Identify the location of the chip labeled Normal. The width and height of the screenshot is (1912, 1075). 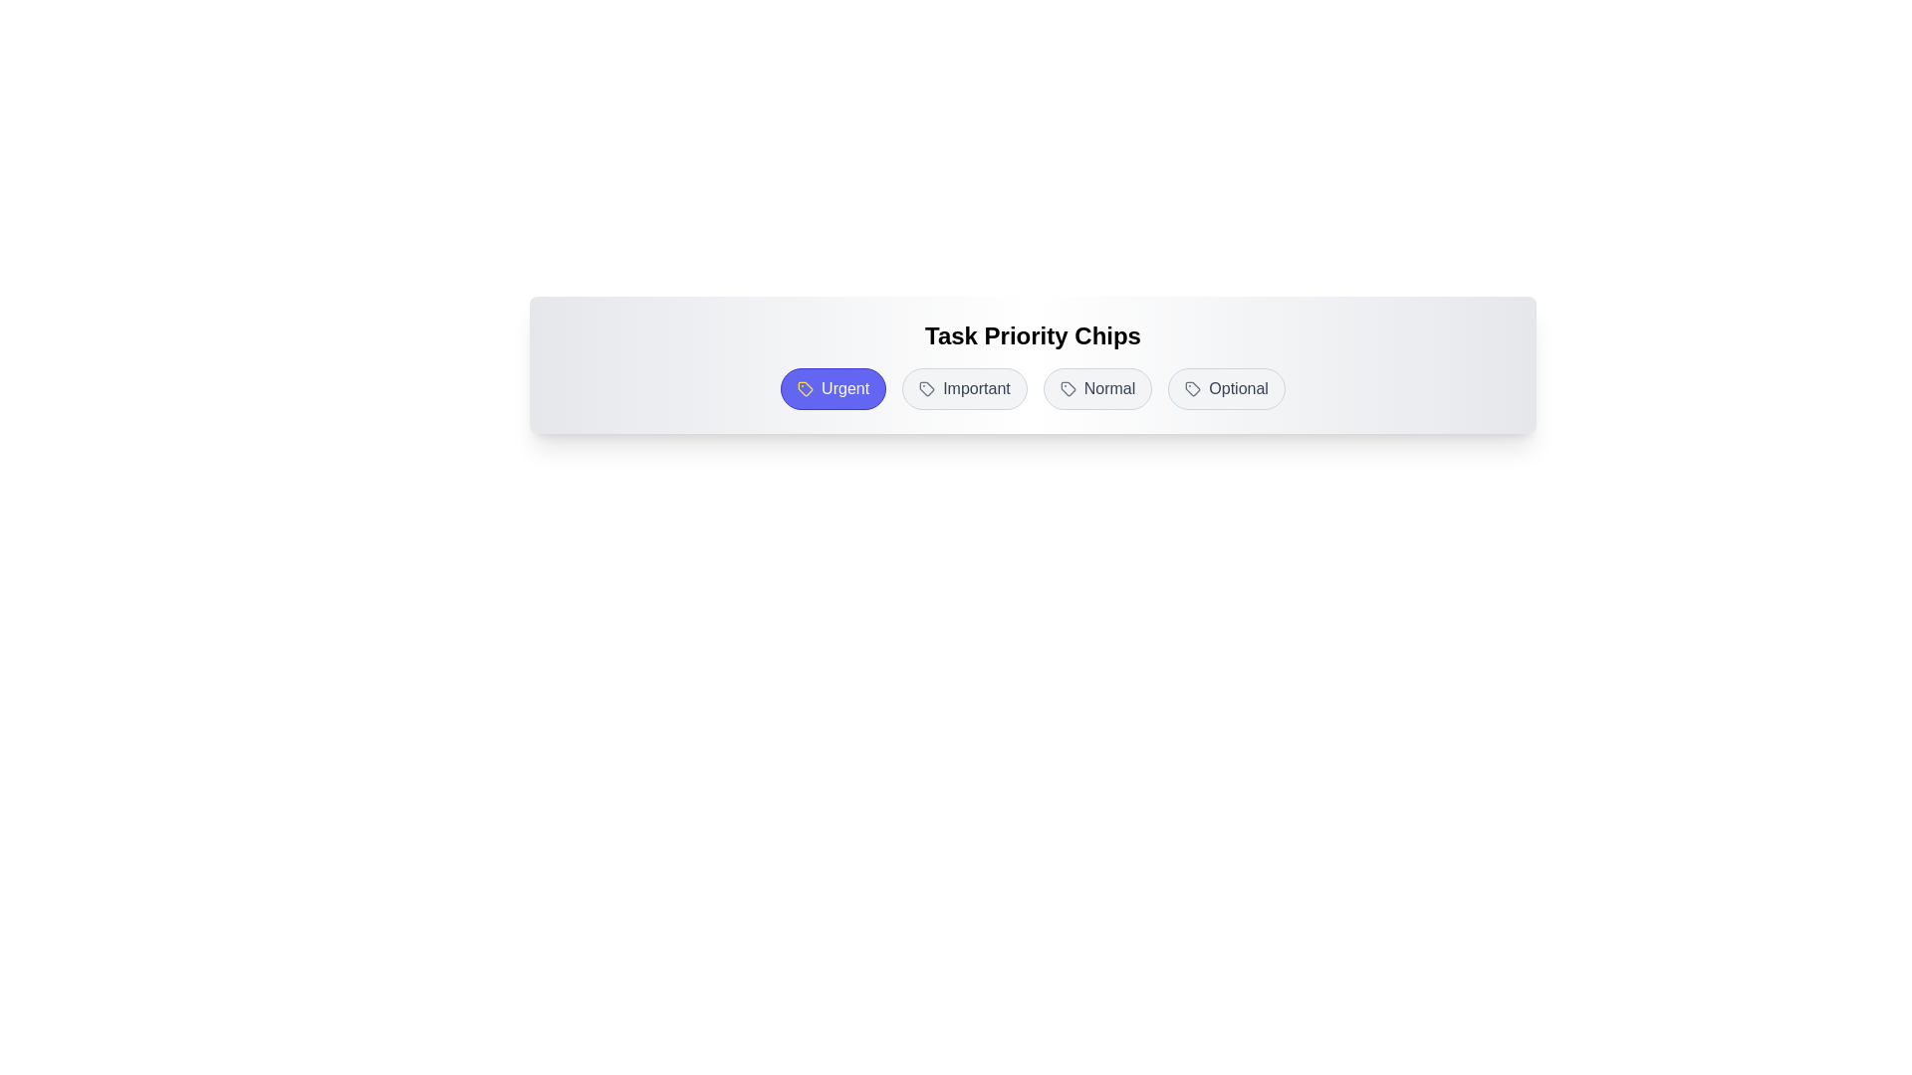
(1096, 388).